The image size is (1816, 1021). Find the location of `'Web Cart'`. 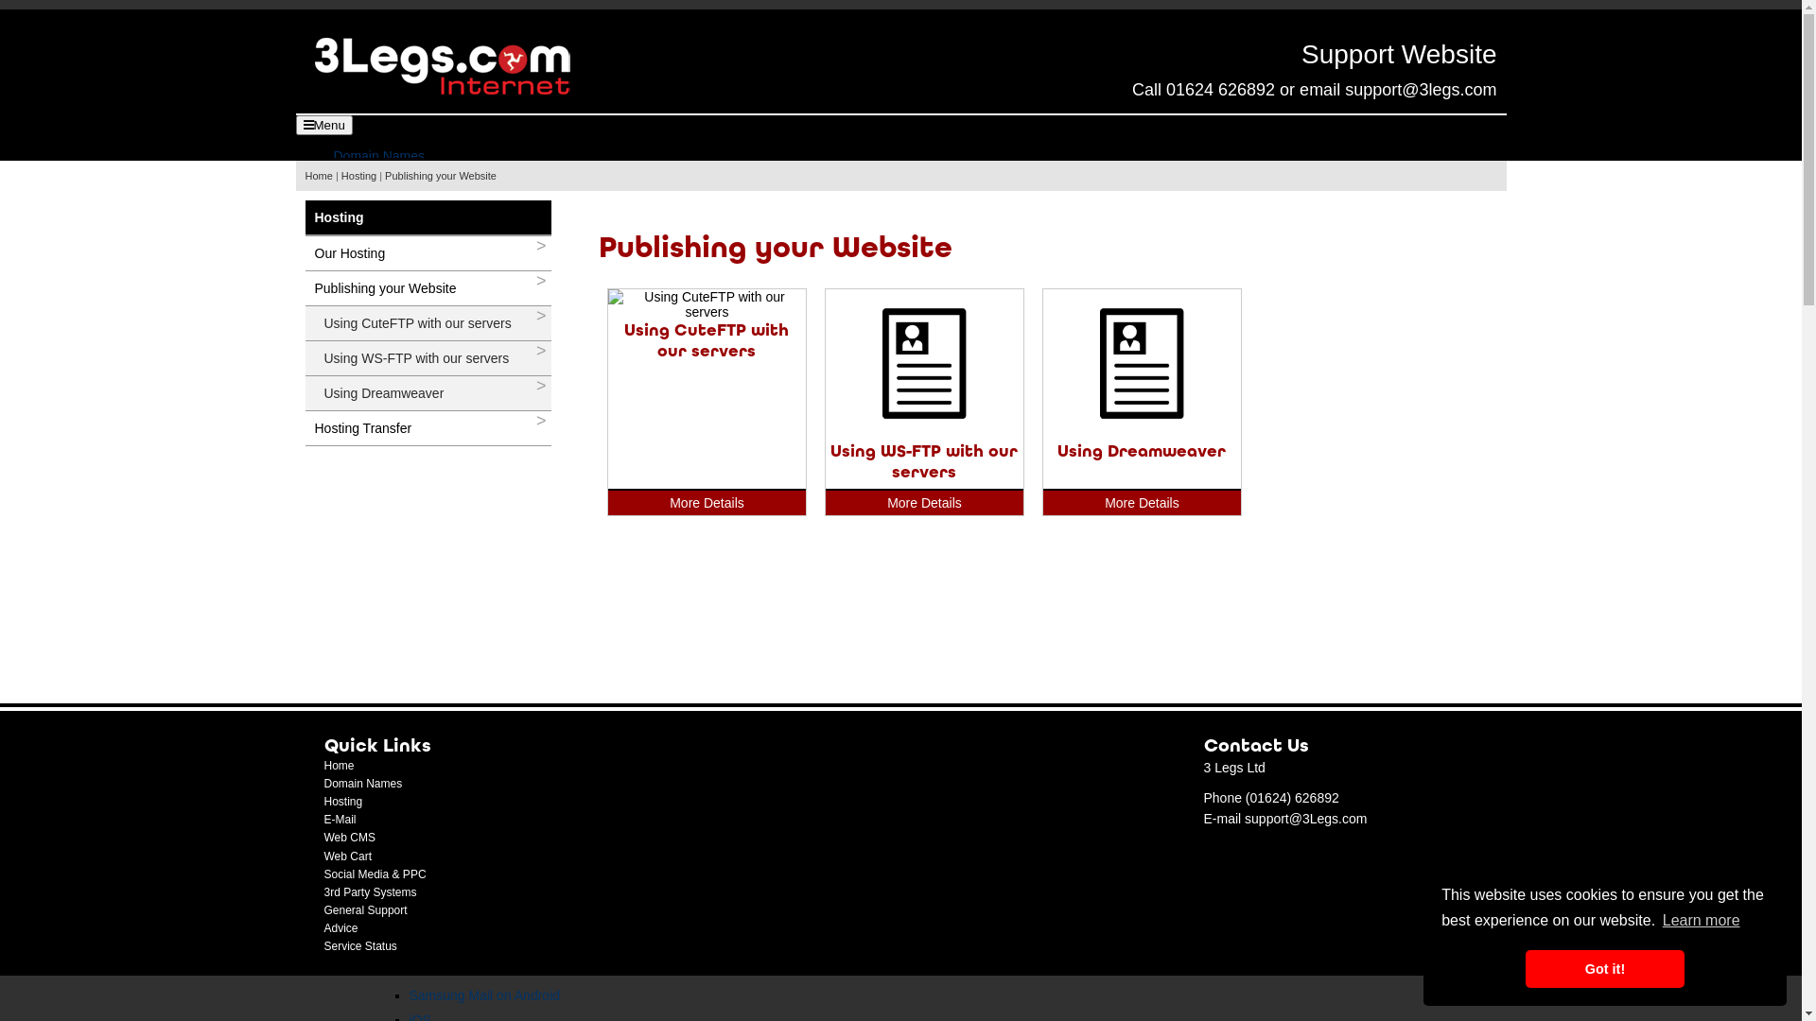

'Web Cart' is located at coordinates (346, 857).